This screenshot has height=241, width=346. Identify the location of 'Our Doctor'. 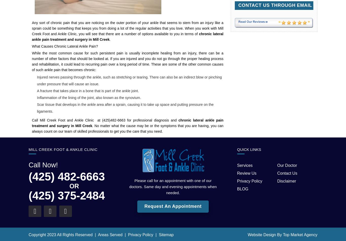
(286, 165).